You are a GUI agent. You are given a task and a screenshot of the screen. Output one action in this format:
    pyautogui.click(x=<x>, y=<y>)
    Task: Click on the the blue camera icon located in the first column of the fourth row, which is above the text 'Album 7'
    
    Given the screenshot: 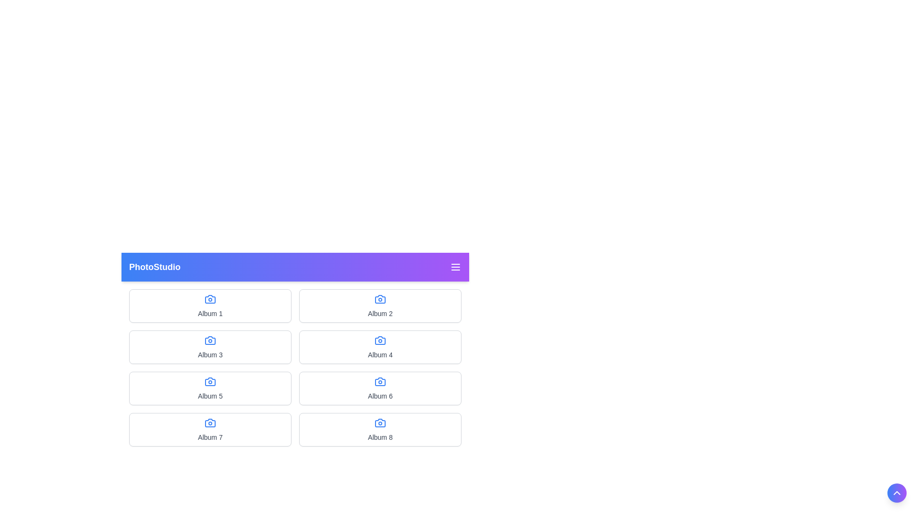 What is the action you would take?
    pyautogui.click(x=209, y=423)
    